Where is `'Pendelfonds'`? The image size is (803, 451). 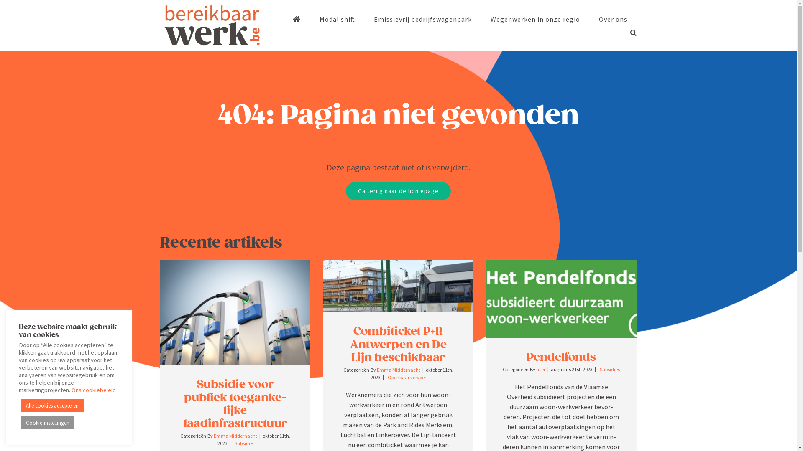
'Pendelfonds' is located at coordinates (526, 357).